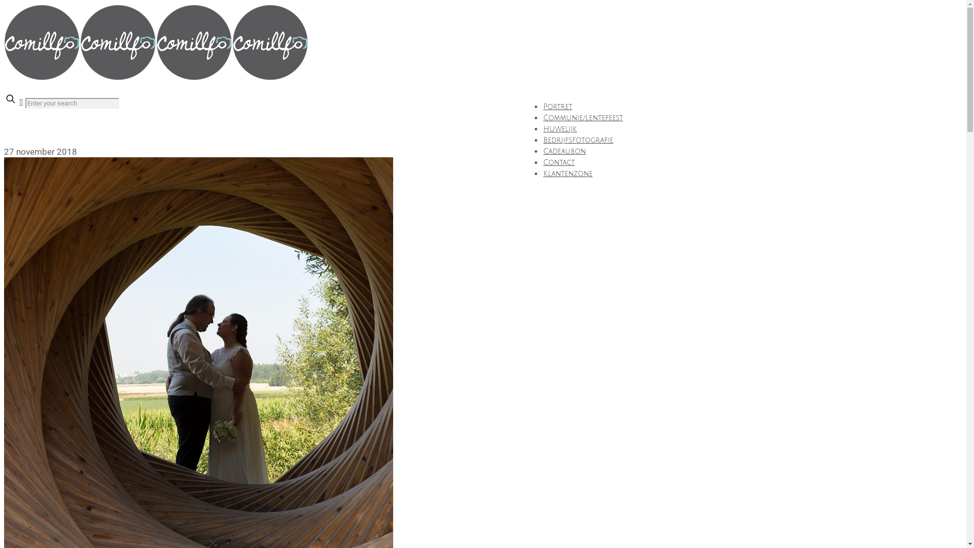  Describe the element at coordinates (155, 76) in the screenshot. I see `'Comillfo'` at that location.